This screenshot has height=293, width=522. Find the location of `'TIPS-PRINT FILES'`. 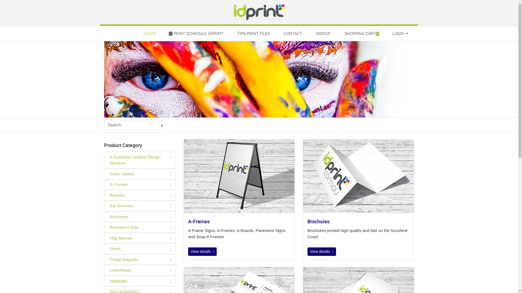

'TIPS-PRINT FILES' is located at coordinates (253, 33).